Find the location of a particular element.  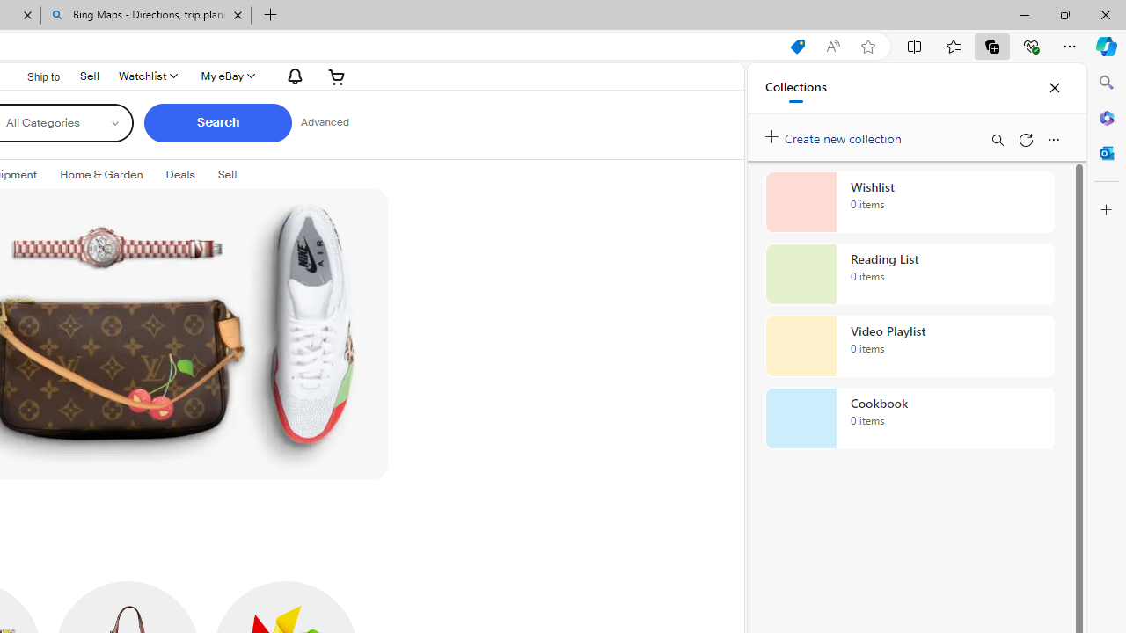

'Advanced Search' is located at coordinates (325, 122).